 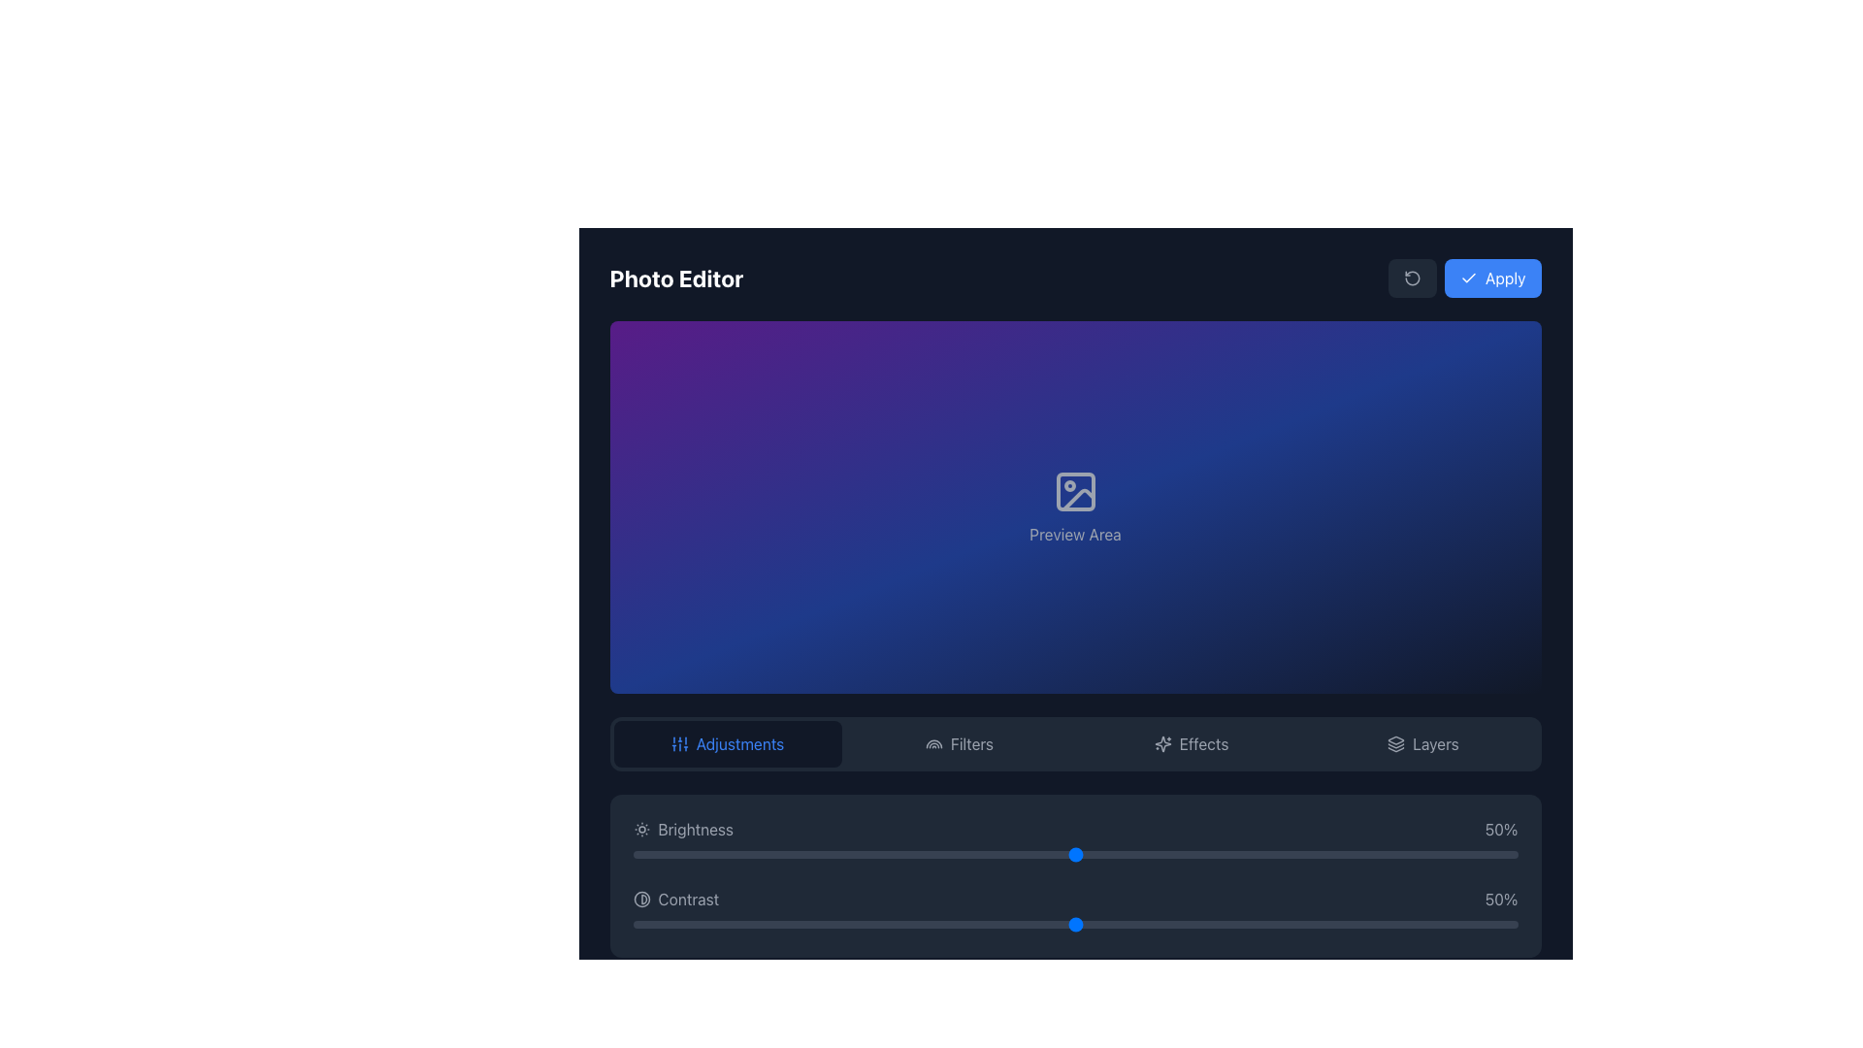 I want to click on the Tab bar containing navigation buttons, so click(x=1074, y=743).